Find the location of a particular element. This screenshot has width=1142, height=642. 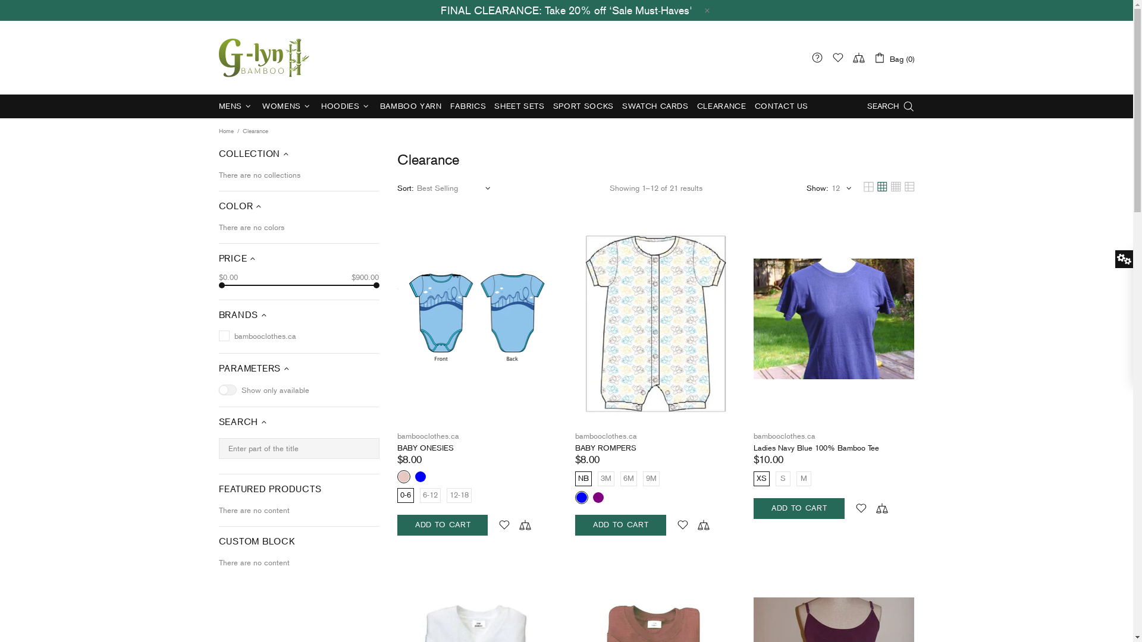

'Ladies Navy Blue 100% Bamboo Tee' is located at coordinates (753, 448).